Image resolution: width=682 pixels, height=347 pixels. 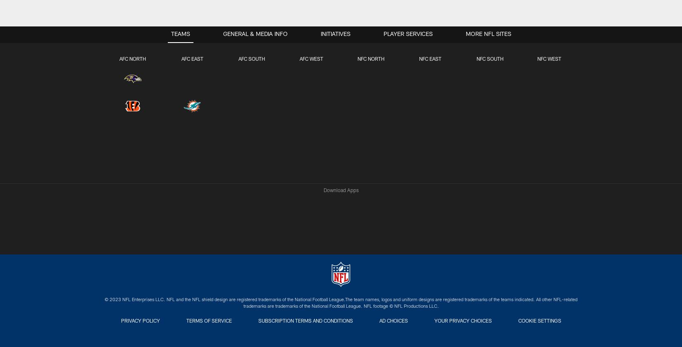 I want to click on 'Download Apps', so click(x=322, y=191).